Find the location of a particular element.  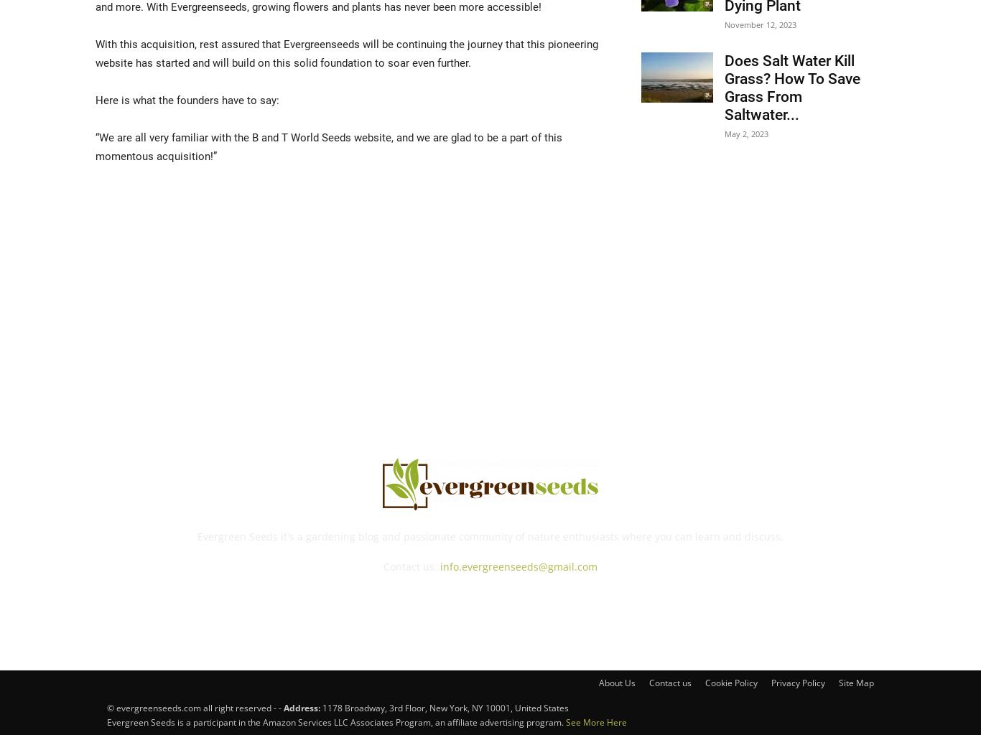

'With this acquisition, rest assured that Evergreenseeds will be continuing the journey that this pioneering website has started and will build on this solid foundation to soar even further.' is located at coordinates (347, 52).